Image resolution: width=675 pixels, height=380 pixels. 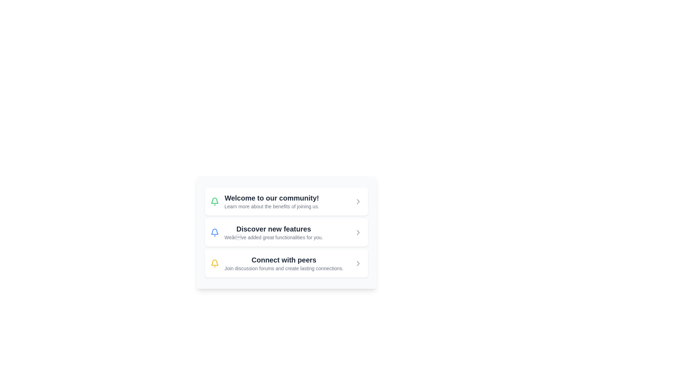 I want to click on the gray rightward-pointing arrow icon located to the right of the text 'Discover new features' in the second card-like section, so click(x=358, y=232).